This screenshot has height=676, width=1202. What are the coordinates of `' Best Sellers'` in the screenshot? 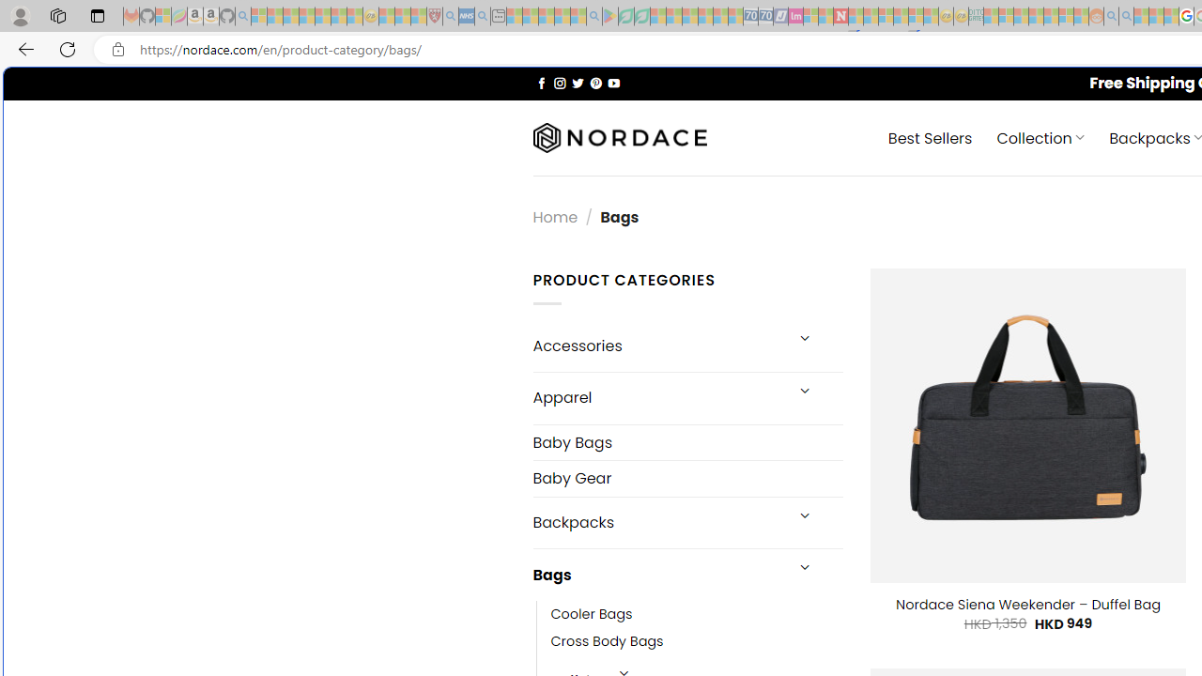 It's located at (930, 136).